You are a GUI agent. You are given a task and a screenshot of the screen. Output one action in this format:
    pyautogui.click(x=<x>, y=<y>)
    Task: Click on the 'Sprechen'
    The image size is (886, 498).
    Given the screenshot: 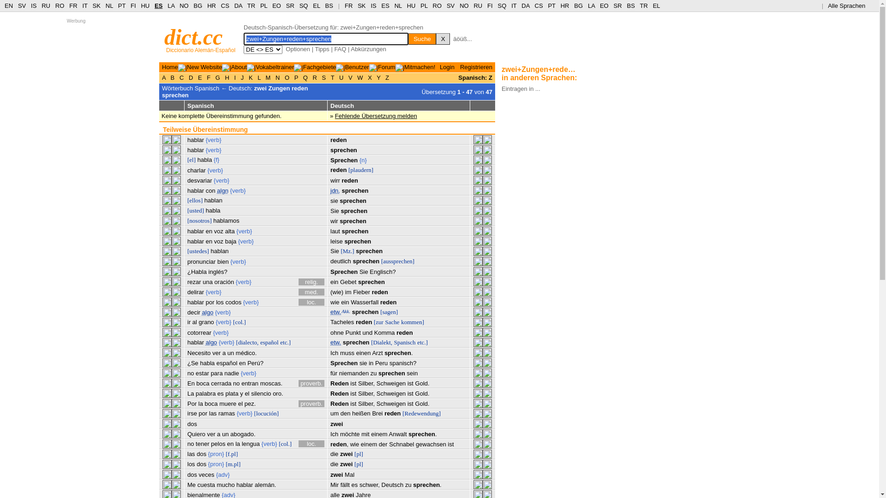 What is the action you would take?
    pyautogui.click(x=343, y=271)
    